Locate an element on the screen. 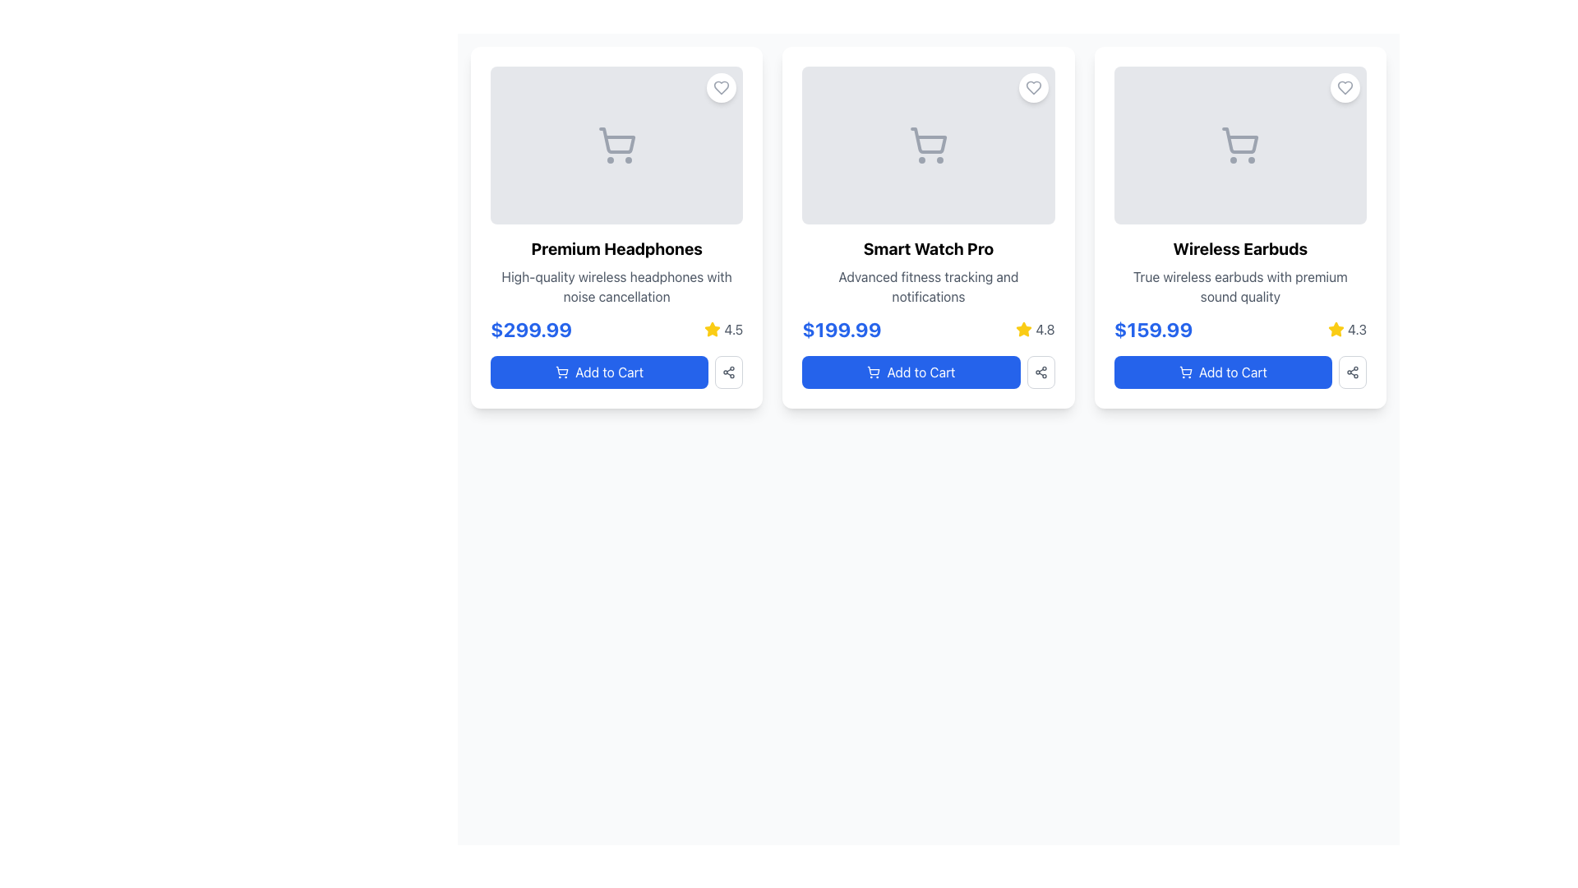 Image resolution: width=1578 pixels, height=888 pixels. the Rating display for the product 'Wireless Earbuds', which visually combines a star icon and numerical value, located next to the price '$159.99' and above the 'Add to Cart' button is located at coordinates (1347, 330).